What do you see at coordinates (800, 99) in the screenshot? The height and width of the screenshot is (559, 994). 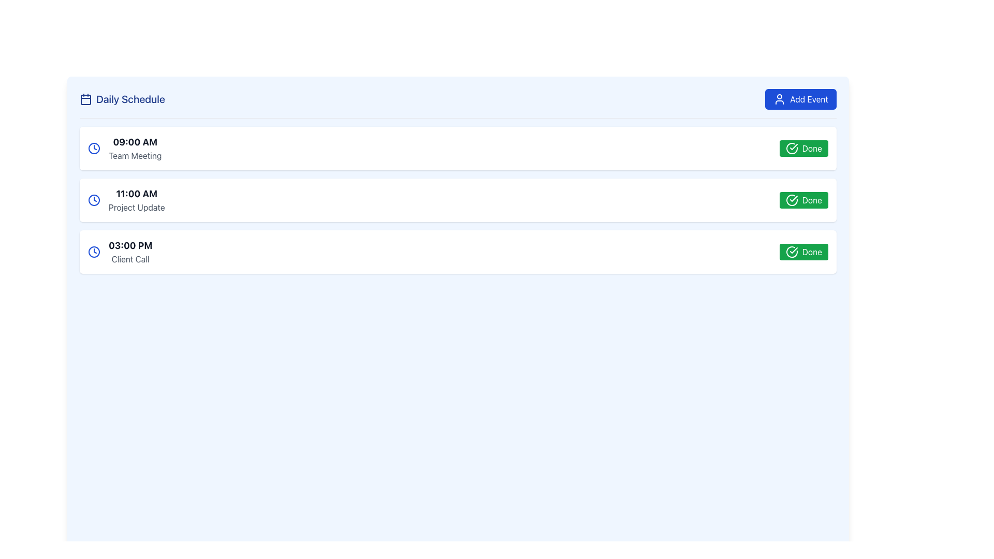 I see `the 'Add Event' button located in the top-right corner of the 'Daily Schedule' header` at bounding box center [800, 99].